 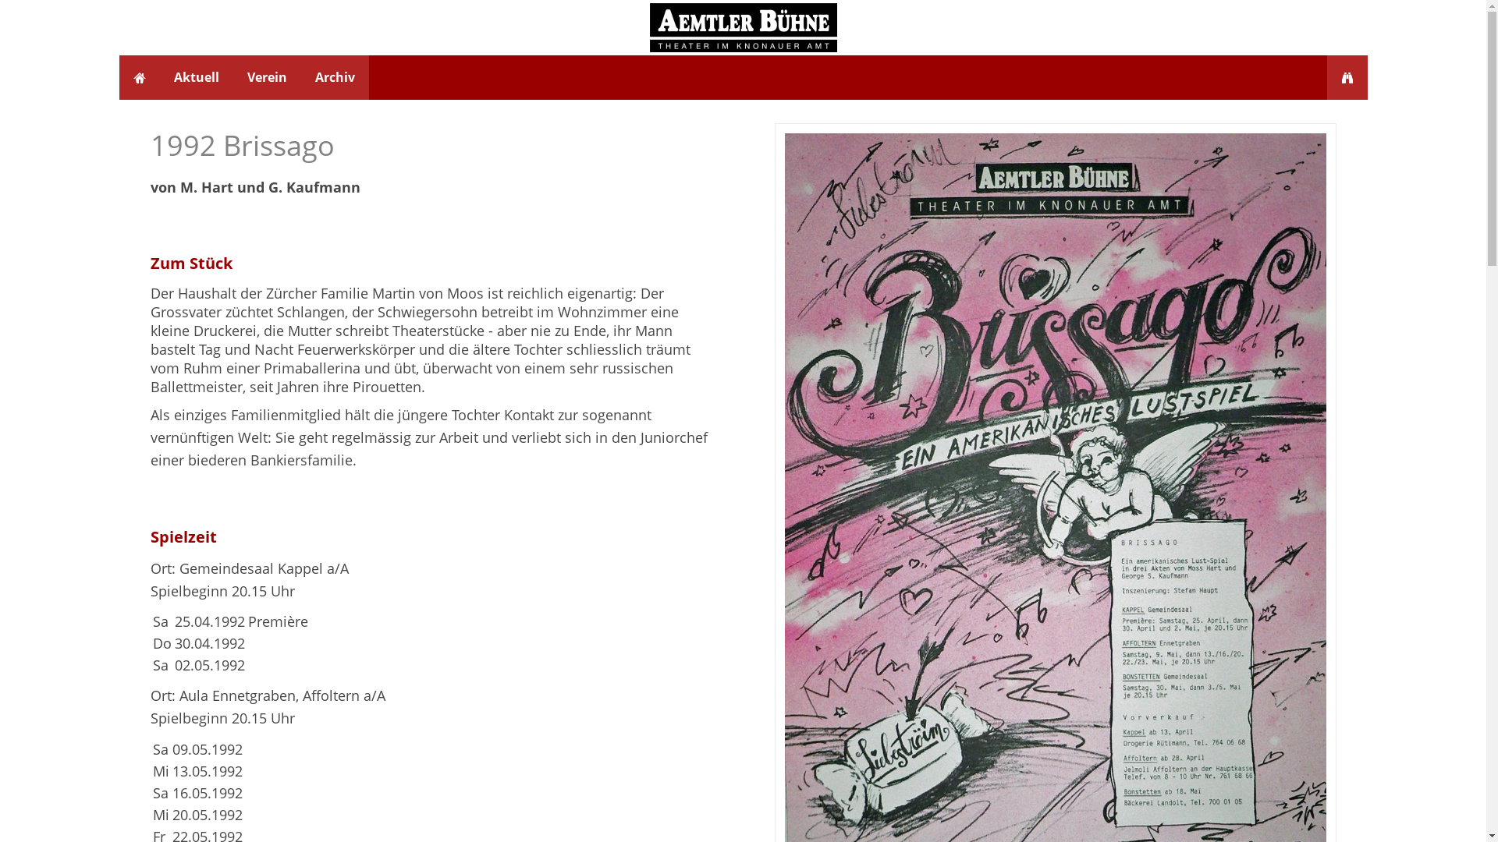 What do you see at coordinates (194, 77) in the screenshot?
I see `'Aktuell'` at bounding box center [194, 77].